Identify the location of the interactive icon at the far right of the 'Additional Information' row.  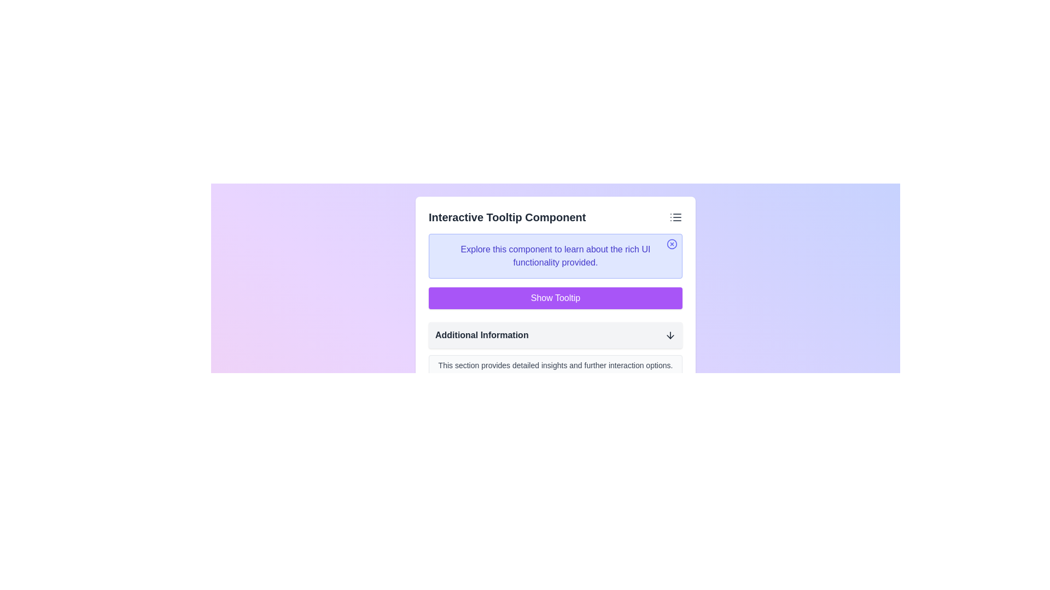
(669, 334).